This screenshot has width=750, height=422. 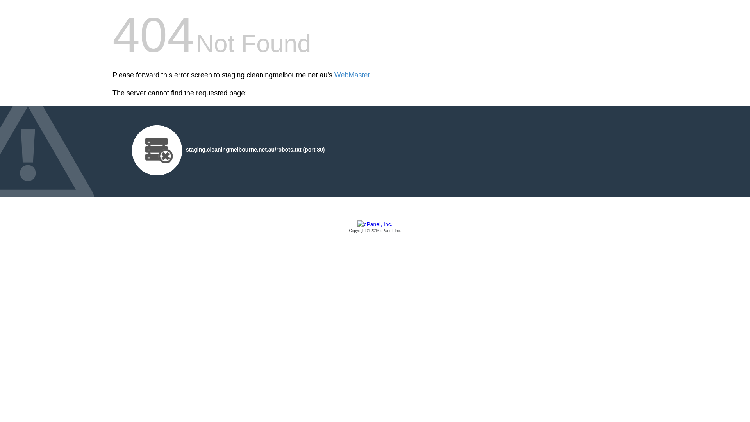 What do you see at coordinates (352, 75) in the screenshot?
I see `'WebMaster'` at bounding box center [352, 75].